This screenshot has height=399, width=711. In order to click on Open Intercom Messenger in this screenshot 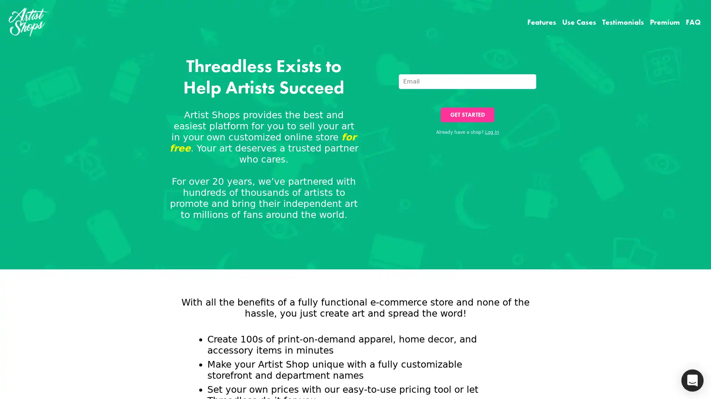, I will do `click(692, 380)`.